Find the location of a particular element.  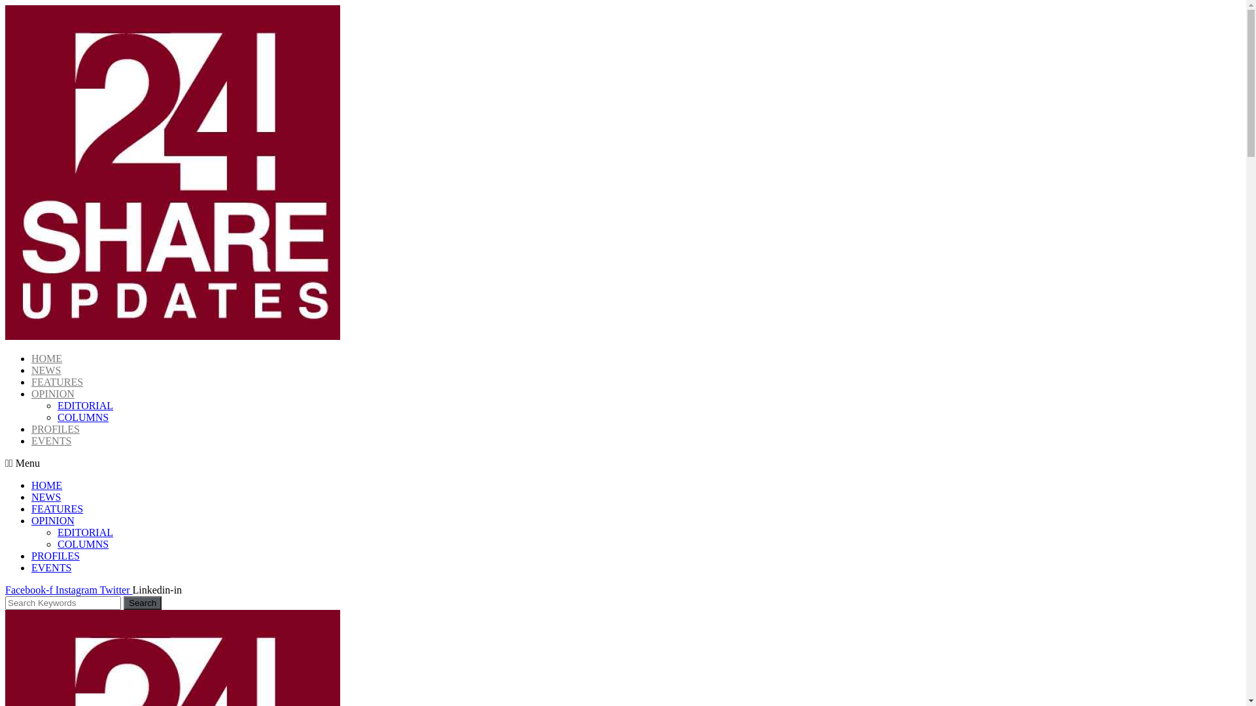

'OPINION' is located at coordinates (31, 520).